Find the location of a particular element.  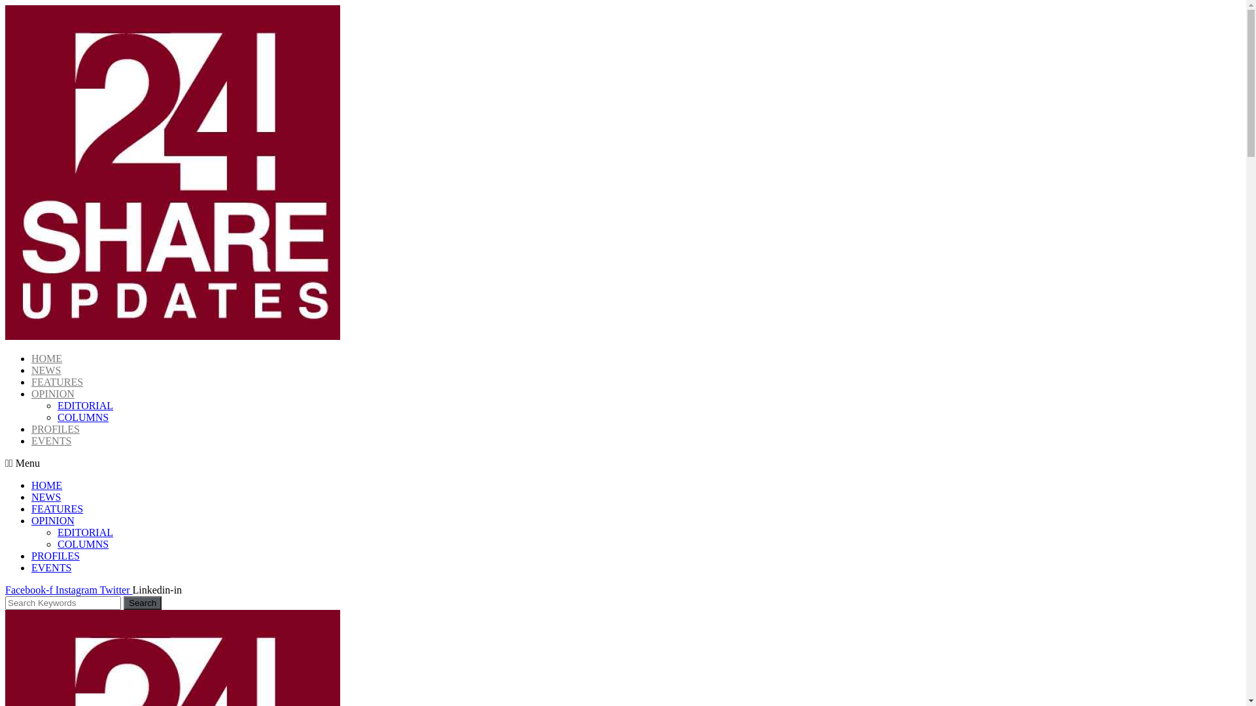

'OPINION' is located at coordinates (31, 520).